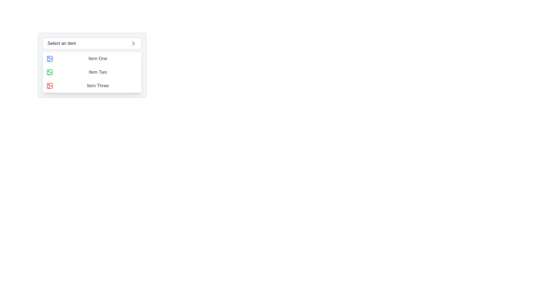  What do you see at coordinates (98, 72) in the screenshot?
I see `the text label displaying 'Item Two' in gray color within the menu list` at bounding box center [98, 72].